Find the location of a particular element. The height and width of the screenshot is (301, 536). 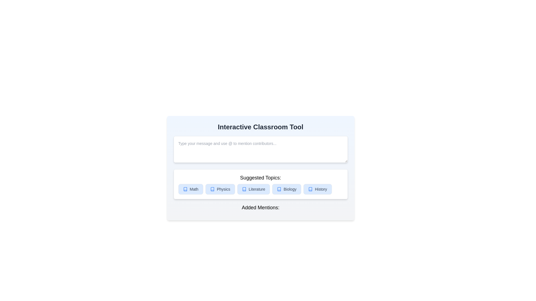

text label 'Added Mentions:' which is styled in a large, bold font and located at the bottom of the interface, beneath the suggested topics area is located at coordinates (260, 207).